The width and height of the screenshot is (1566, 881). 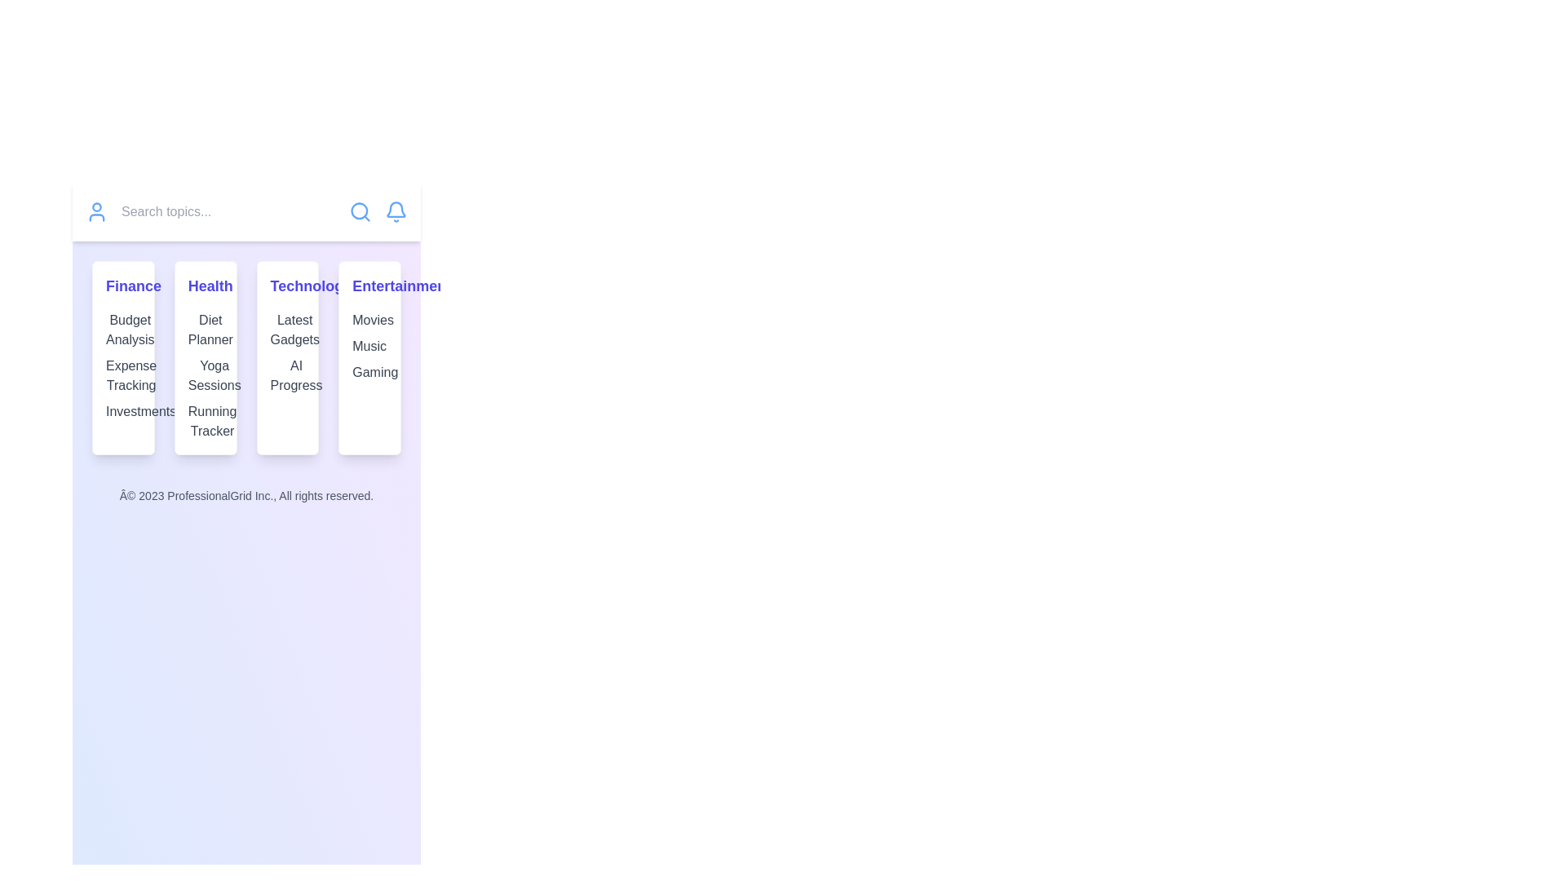 I want to click on the 'Diet Planner' text label, which is the first label under the 'Health' section, styled with gray font on a white background, so click(x=205, y=330).